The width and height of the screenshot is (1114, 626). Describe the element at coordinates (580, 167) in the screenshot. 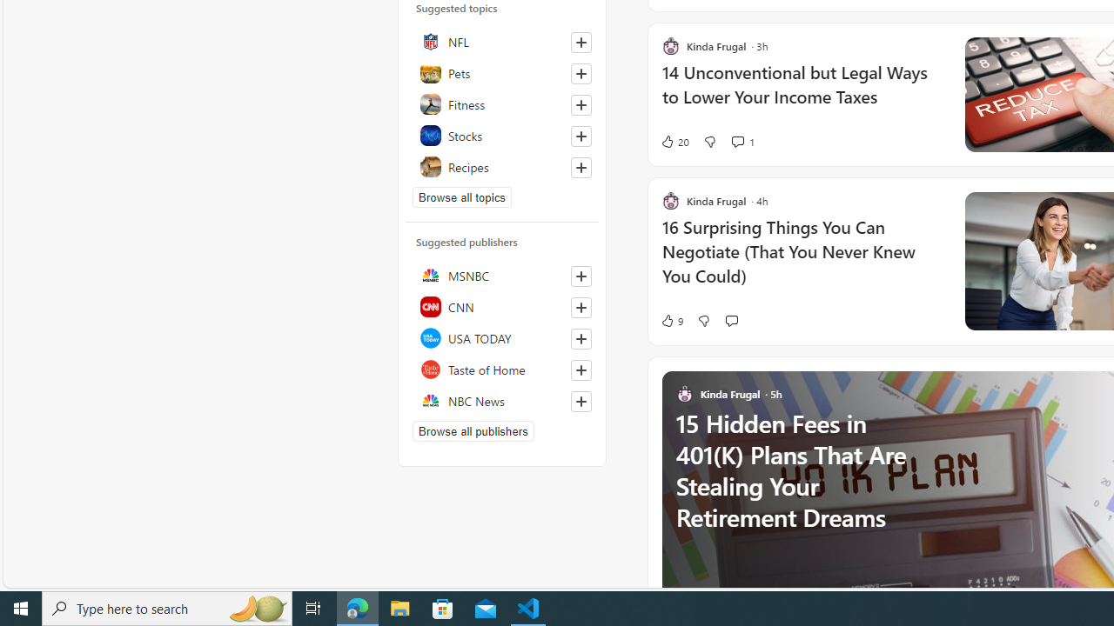

I see `'Follow this topic'` at that location.